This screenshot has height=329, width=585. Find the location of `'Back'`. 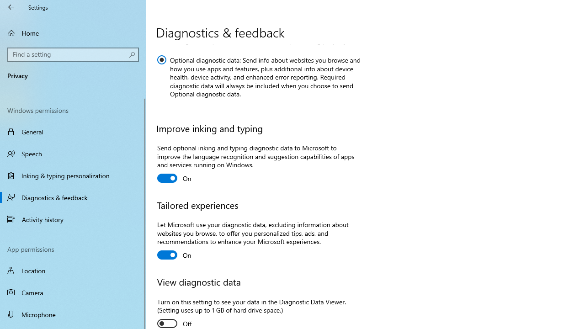

'Back' is located at coordinates (11, 7).